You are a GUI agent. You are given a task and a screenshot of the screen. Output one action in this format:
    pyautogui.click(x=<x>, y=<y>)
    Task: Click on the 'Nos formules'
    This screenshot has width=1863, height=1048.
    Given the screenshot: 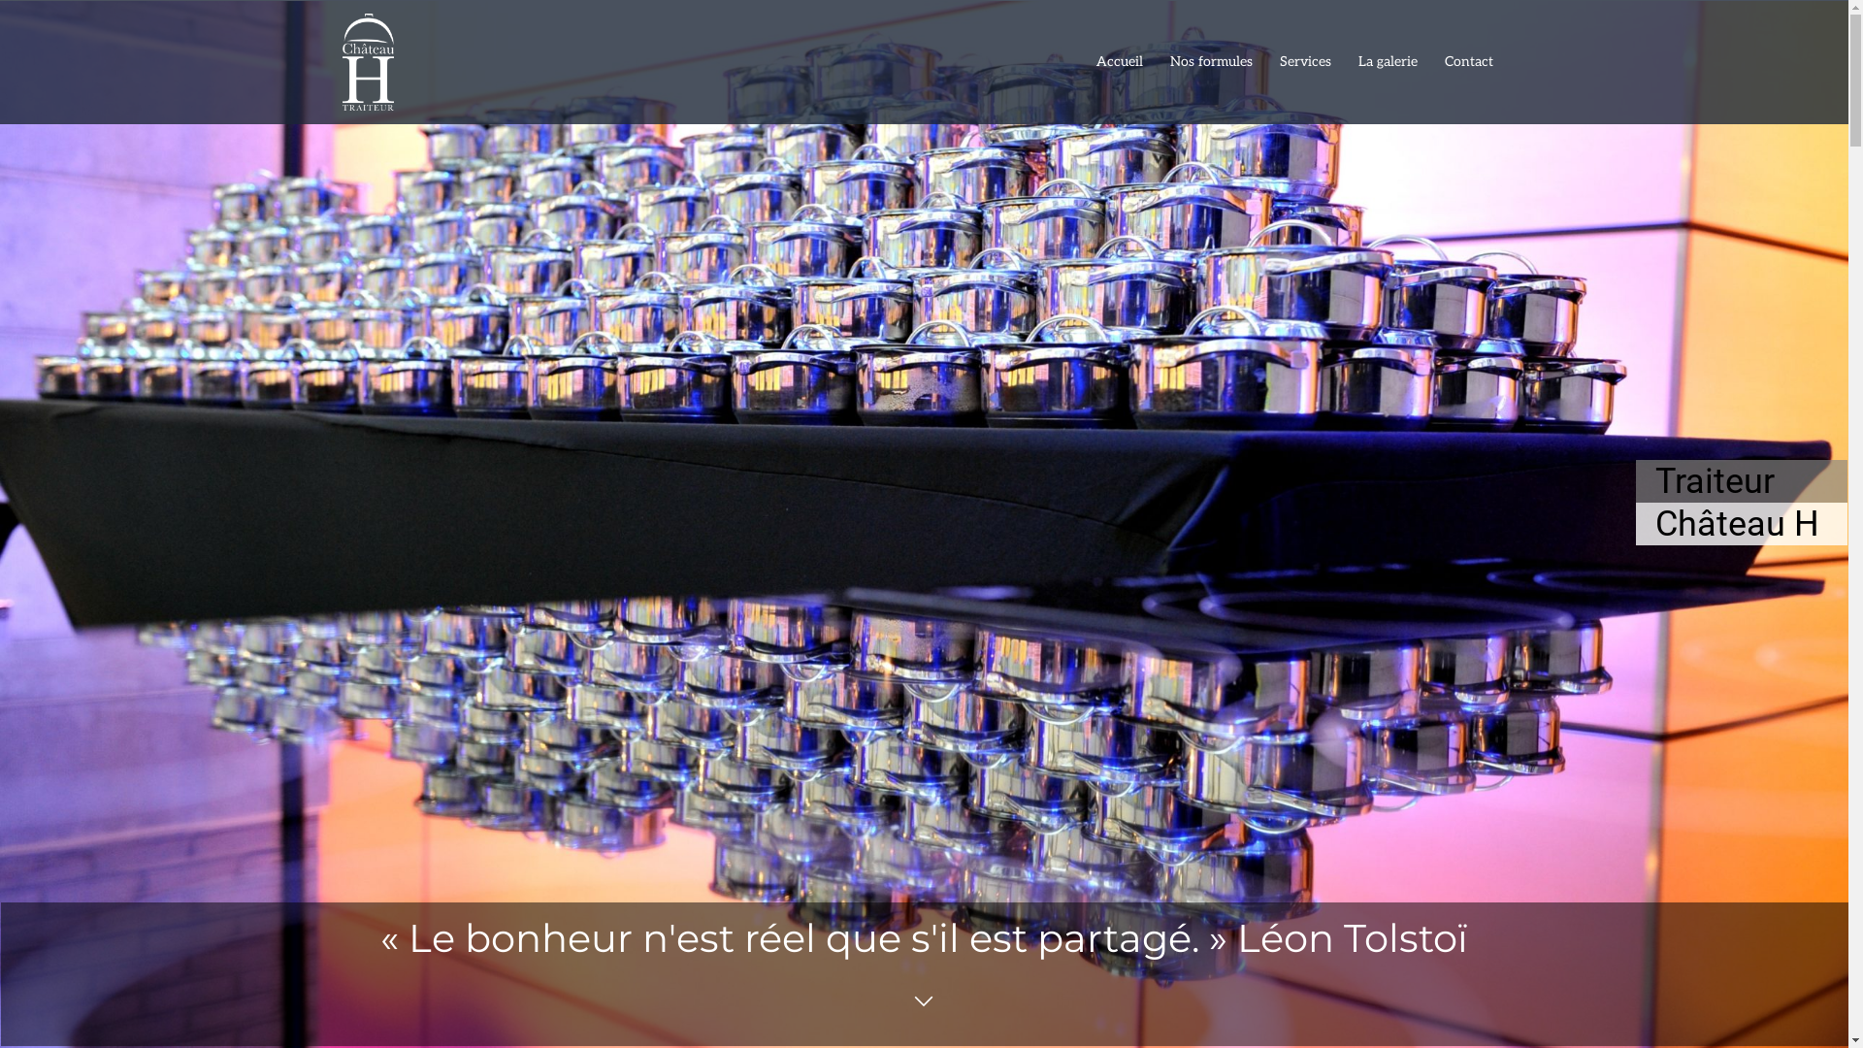 What is the action you would take?
    pyautogui.click(x=1210, y=61)
    